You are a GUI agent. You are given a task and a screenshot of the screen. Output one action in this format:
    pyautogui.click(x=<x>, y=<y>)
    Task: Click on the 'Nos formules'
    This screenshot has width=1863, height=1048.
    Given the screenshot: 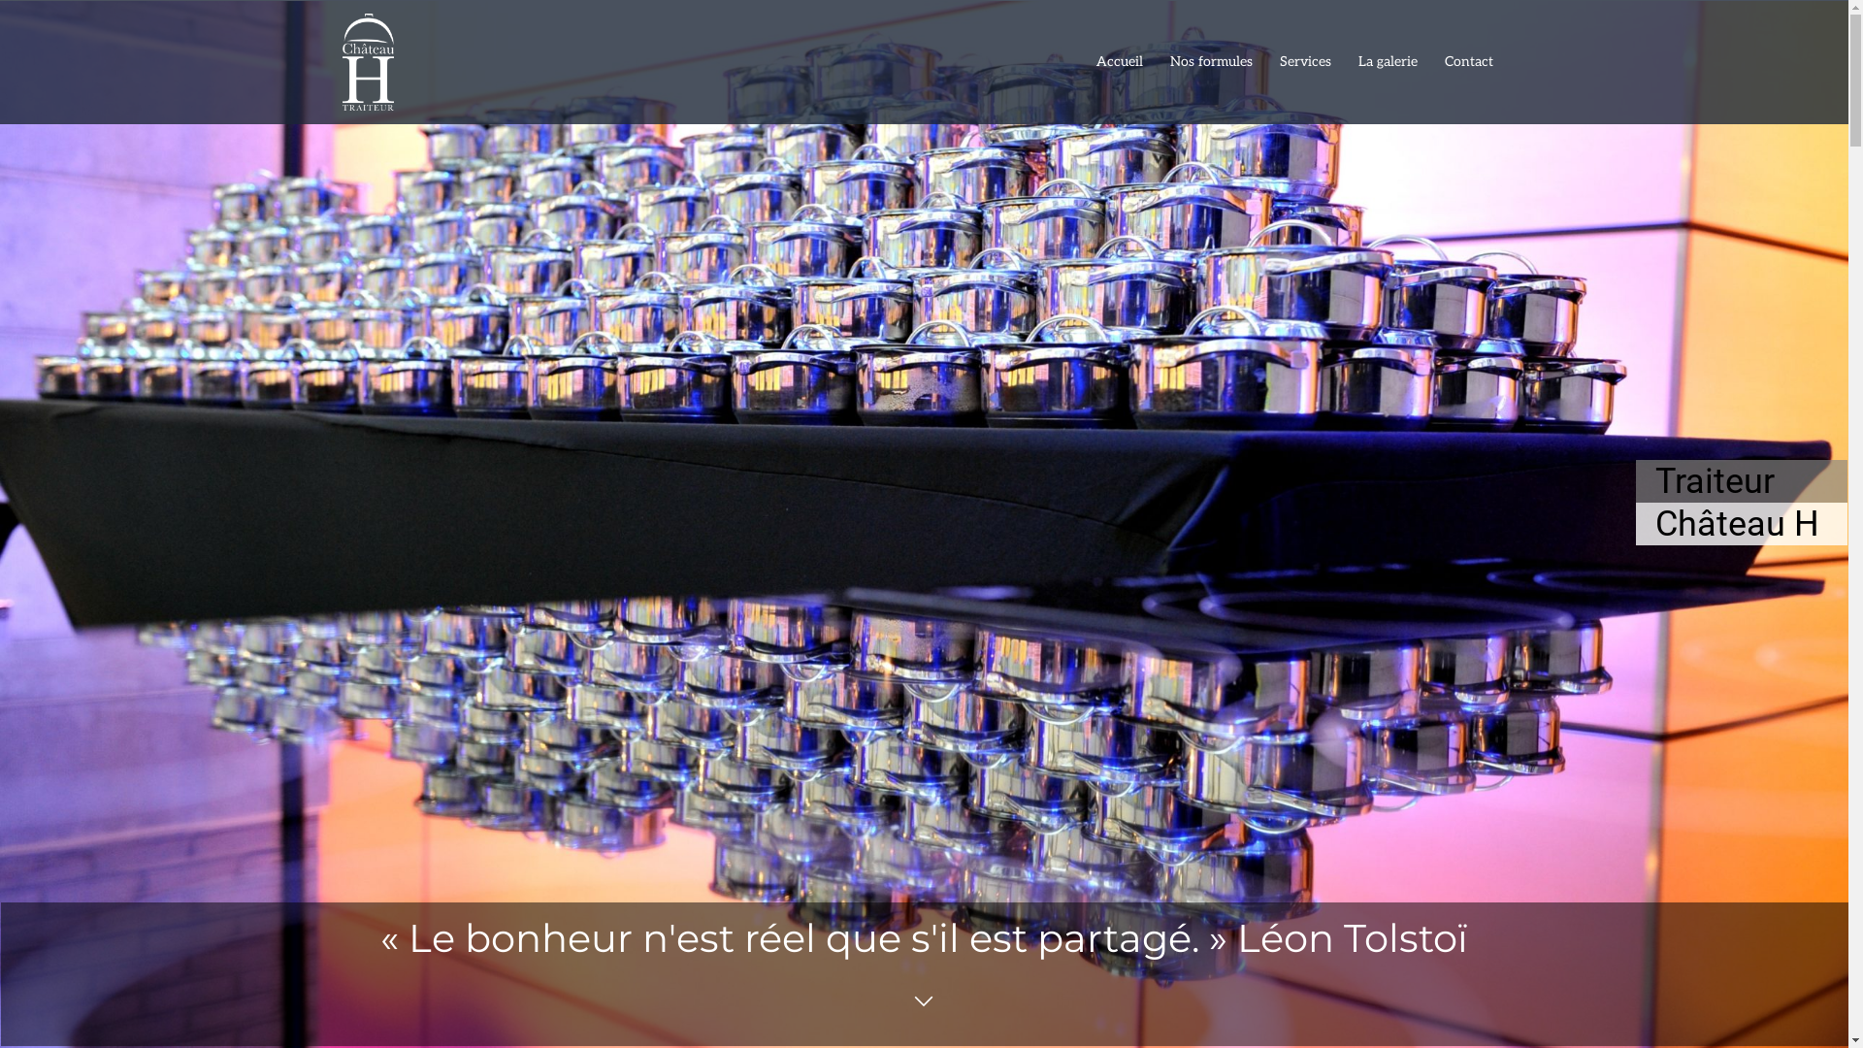 What is the action you would take?
    pyautogui.click(x=1210, y=61)
    